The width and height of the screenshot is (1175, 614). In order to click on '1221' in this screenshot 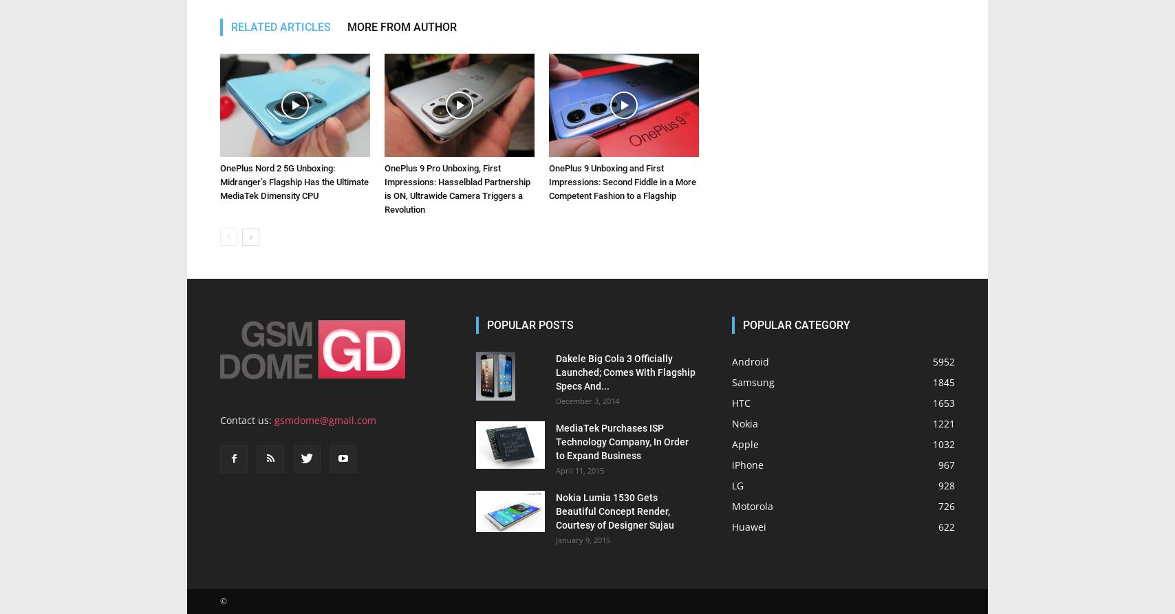, I will do `click(944, 423)`.